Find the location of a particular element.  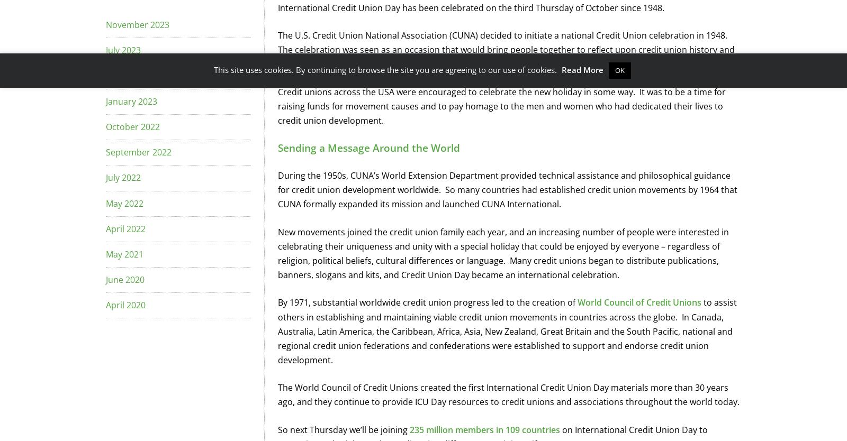

'November 2023' is located at coordinates (138, 25).